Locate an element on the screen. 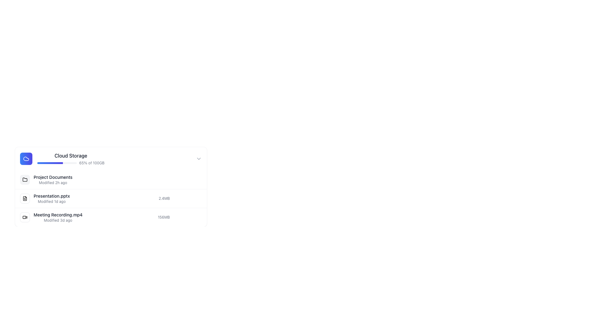  the third entry is located at coordinates (111, 217).